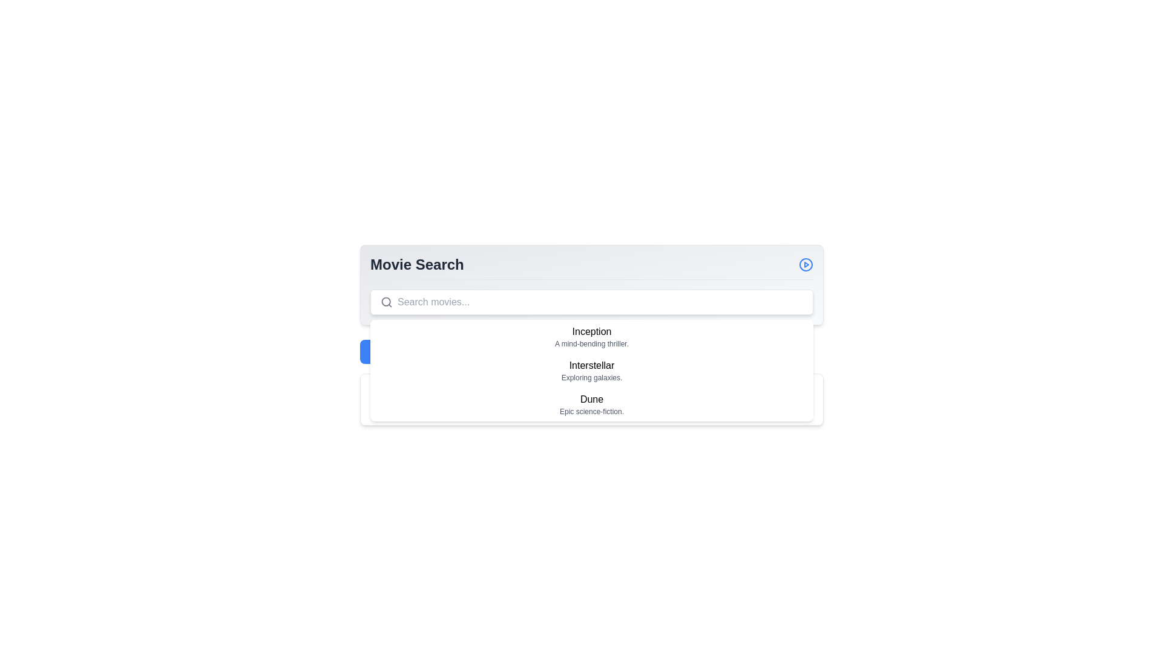 The image size is (1162, 653). I want to click on the static text element providing a descriptive tagline for the movie 'Inception', located below the title in the movie list, so click(592, 344).